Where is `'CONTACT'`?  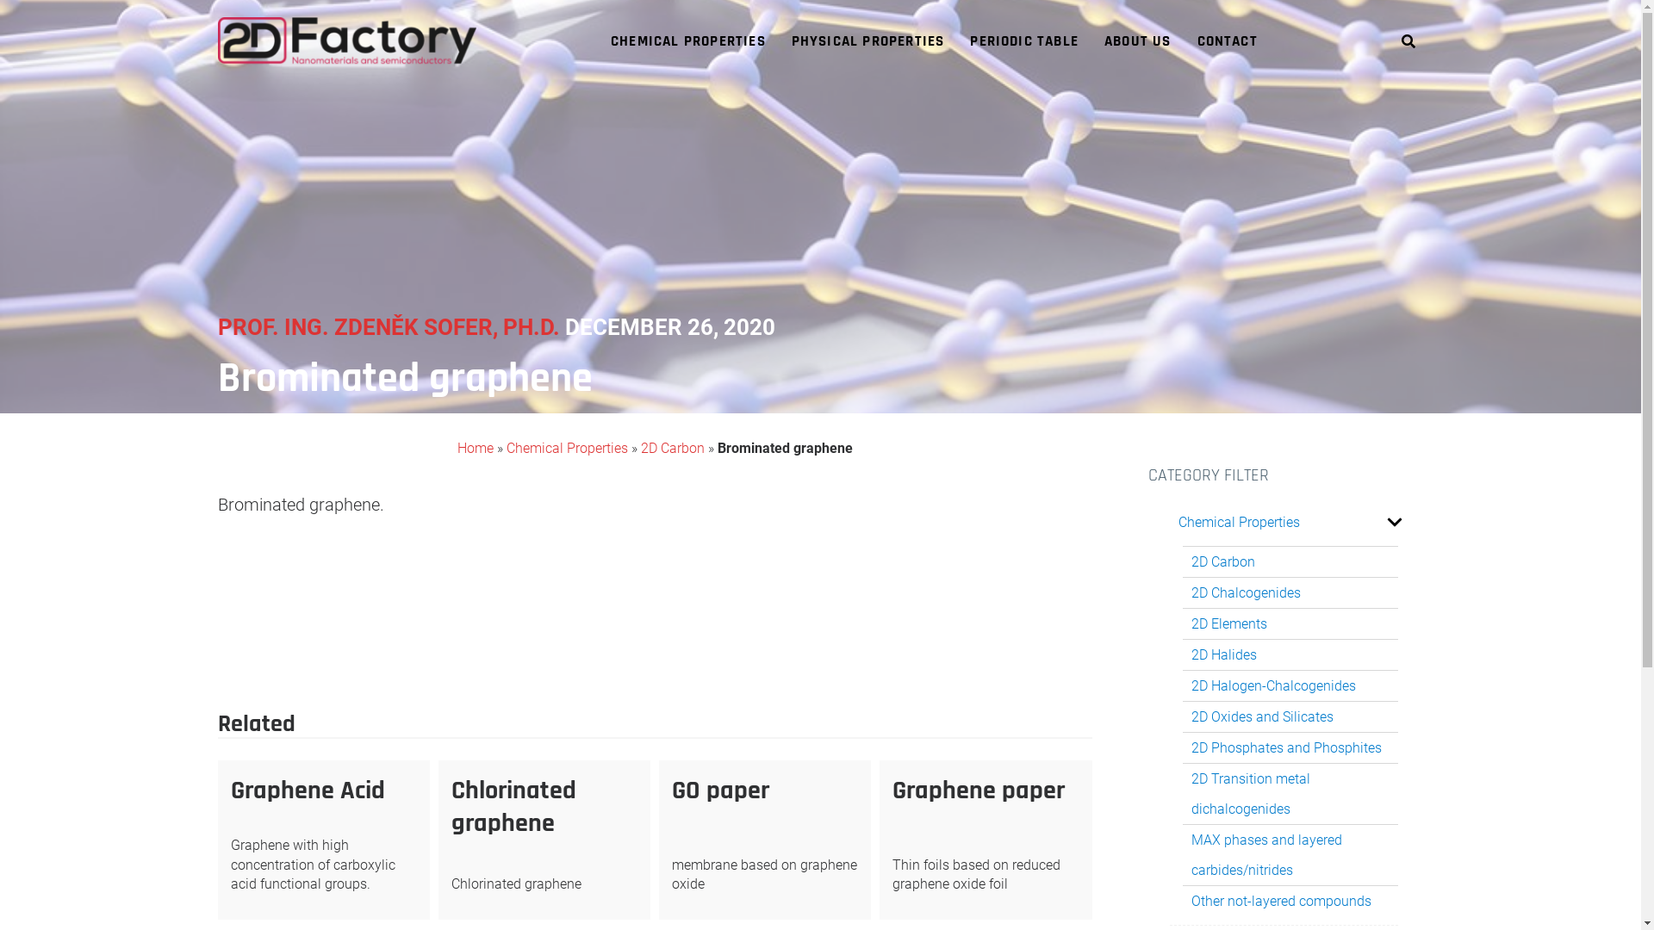
'CONTACT' is located at coordinates (1227, 41).